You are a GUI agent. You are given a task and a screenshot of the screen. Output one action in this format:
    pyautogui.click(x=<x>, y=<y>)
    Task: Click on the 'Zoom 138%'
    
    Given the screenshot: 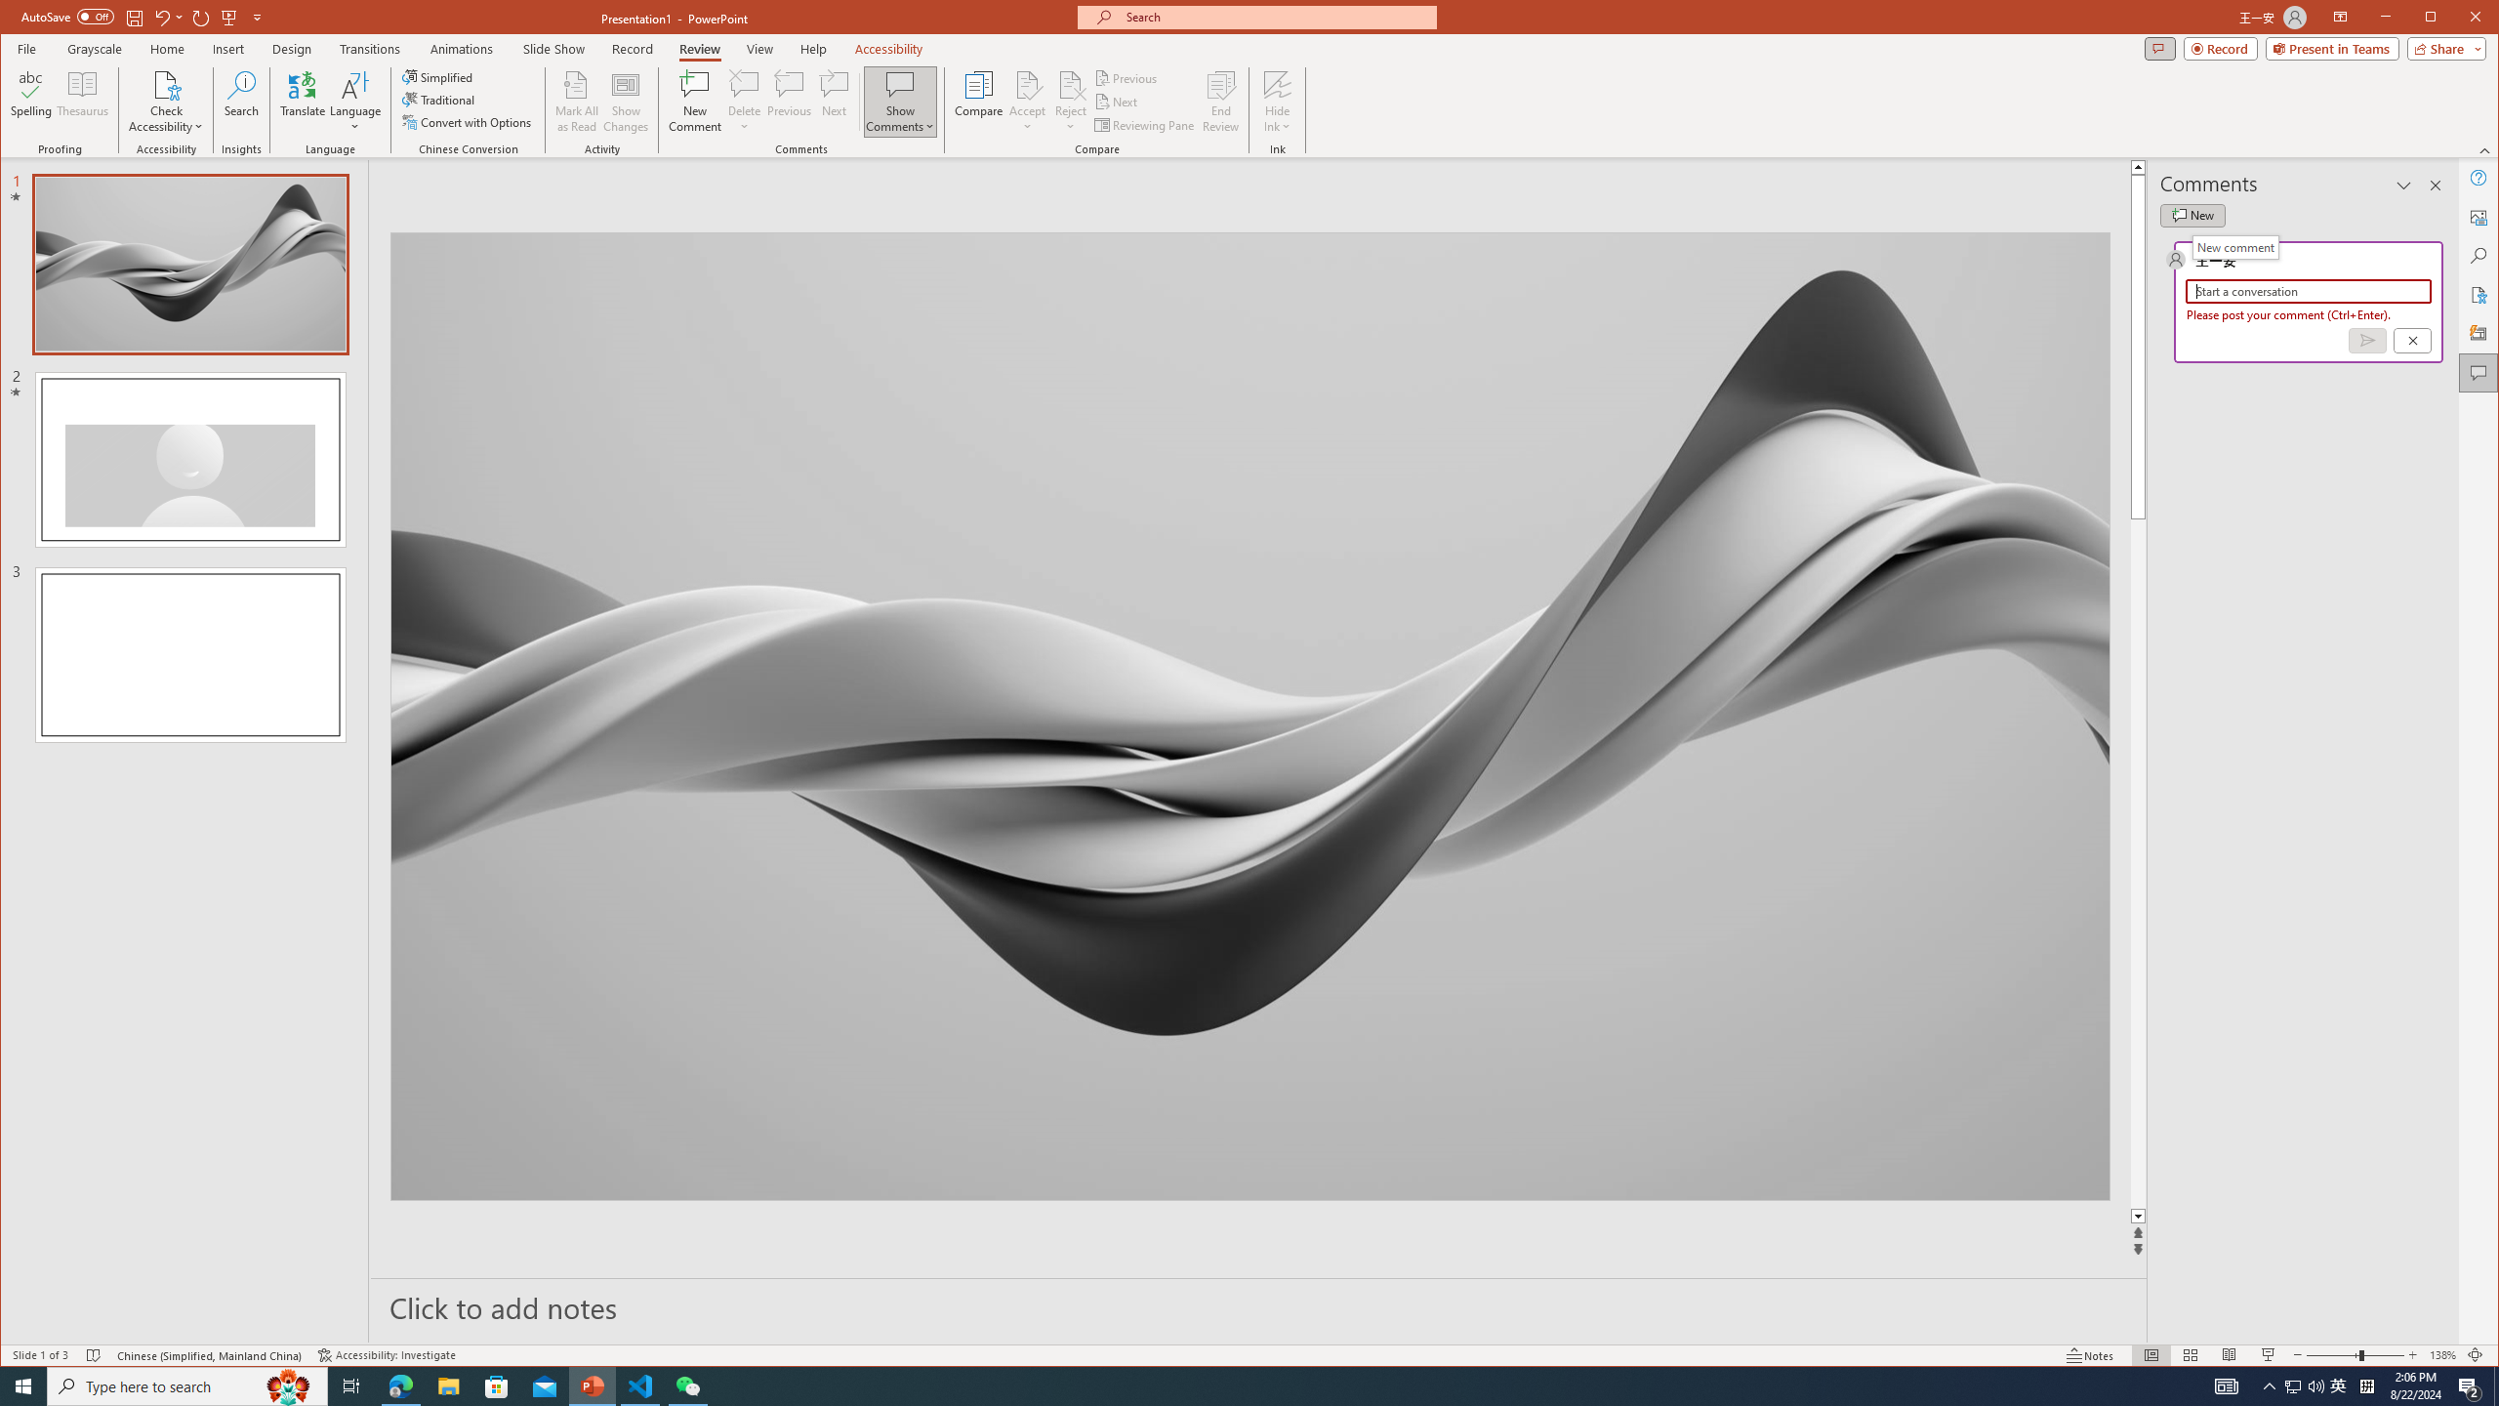 What is the action you would take?
    pyautogui.click(x=2442, y=1354)
    